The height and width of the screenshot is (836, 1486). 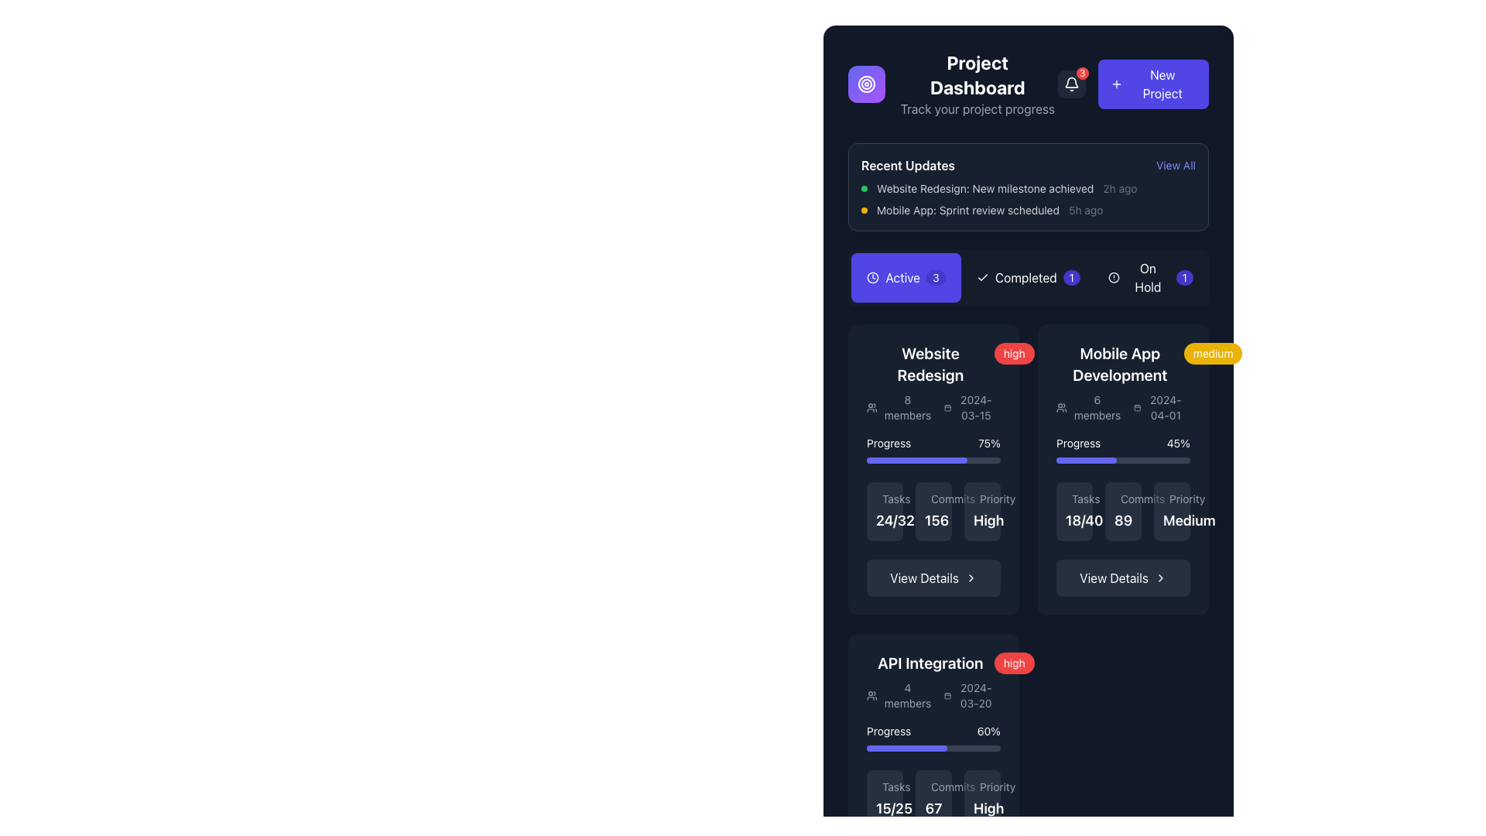 I want to click on the notification button located near the top-right corner of the application interface, so click(x=1070, y=84).